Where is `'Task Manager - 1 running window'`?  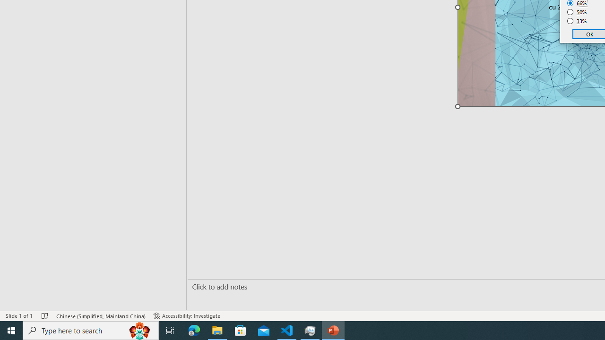
'Task Manager - 1 running window' is located at coordinates (310, 330).